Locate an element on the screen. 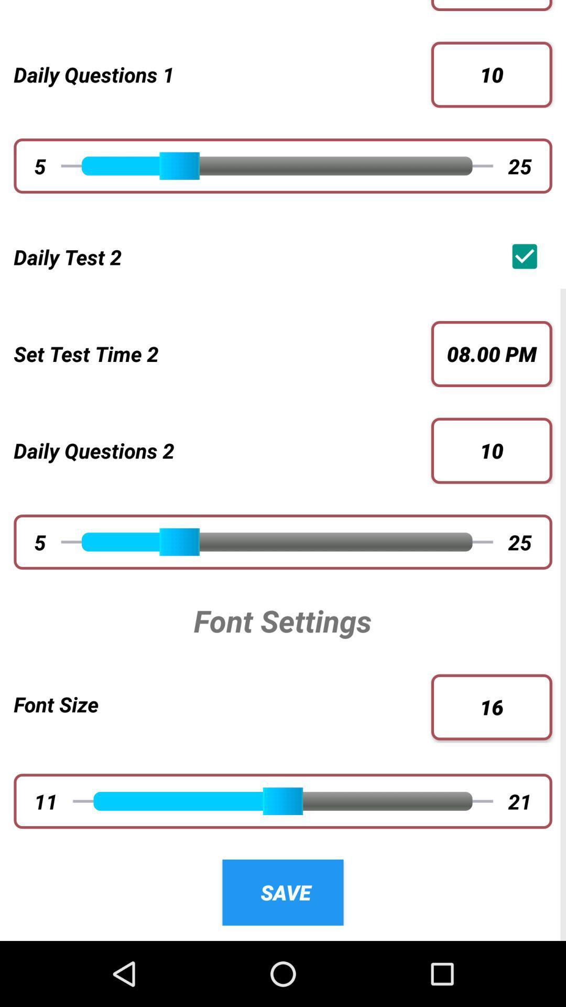 This screenshot has width=566, height=1007. the item to the left of 16 is located at coordinates (222, 704).